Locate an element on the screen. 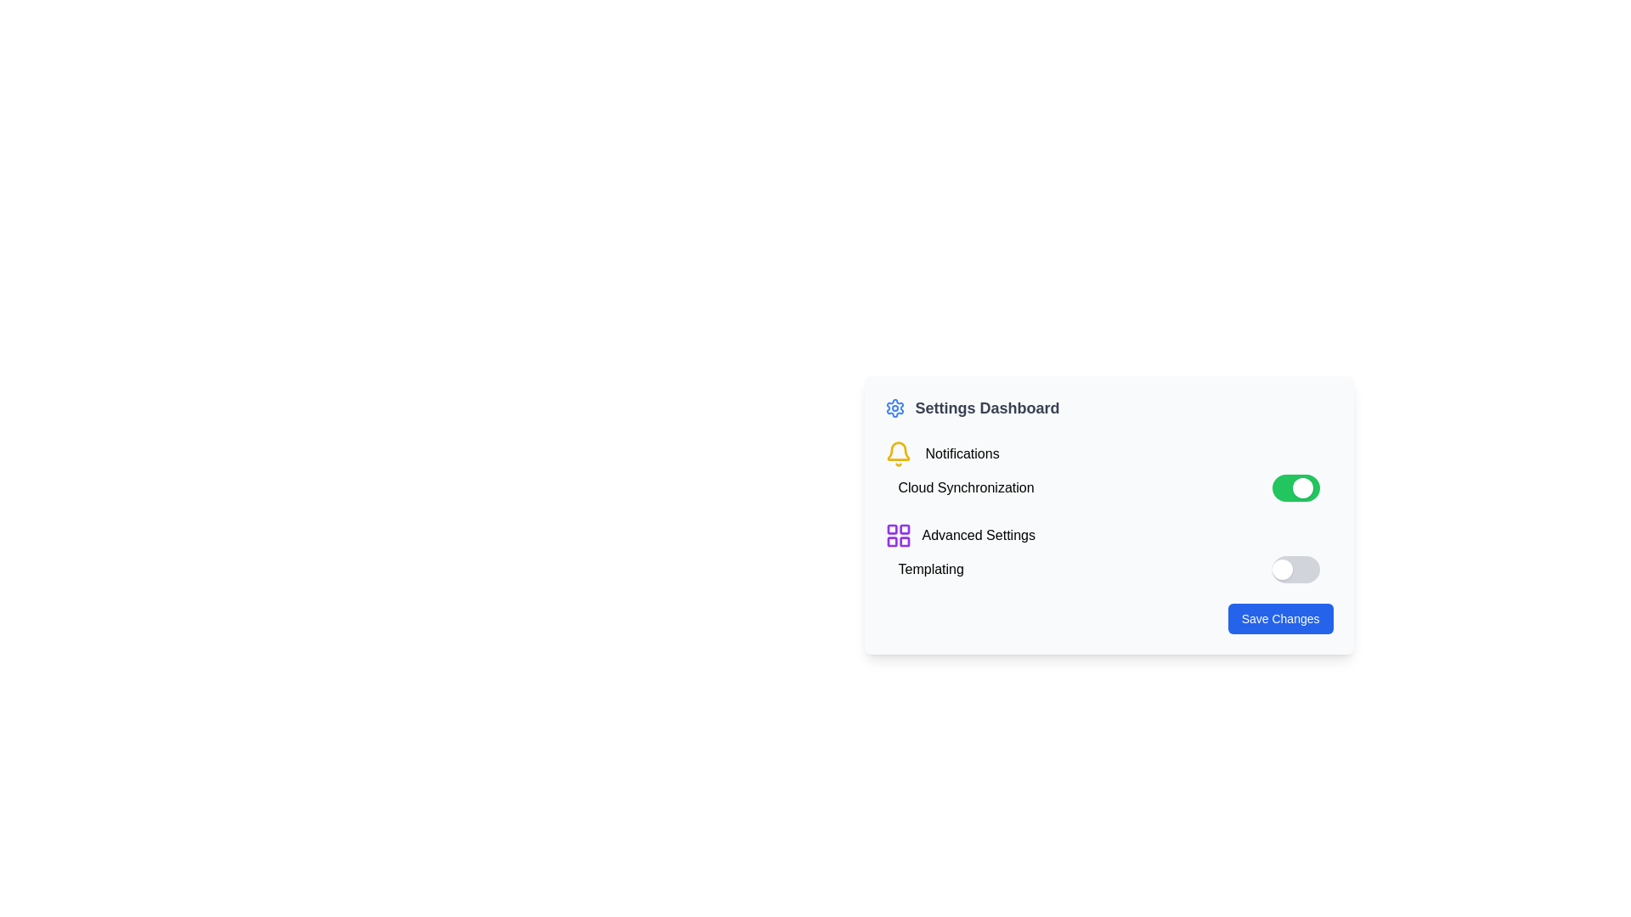 The image size is (1631, 917). text label displaying 'Notifications' which is styled in medium font size and positioned next to a bell icon in the notification section is located at coordinates (962, 453).